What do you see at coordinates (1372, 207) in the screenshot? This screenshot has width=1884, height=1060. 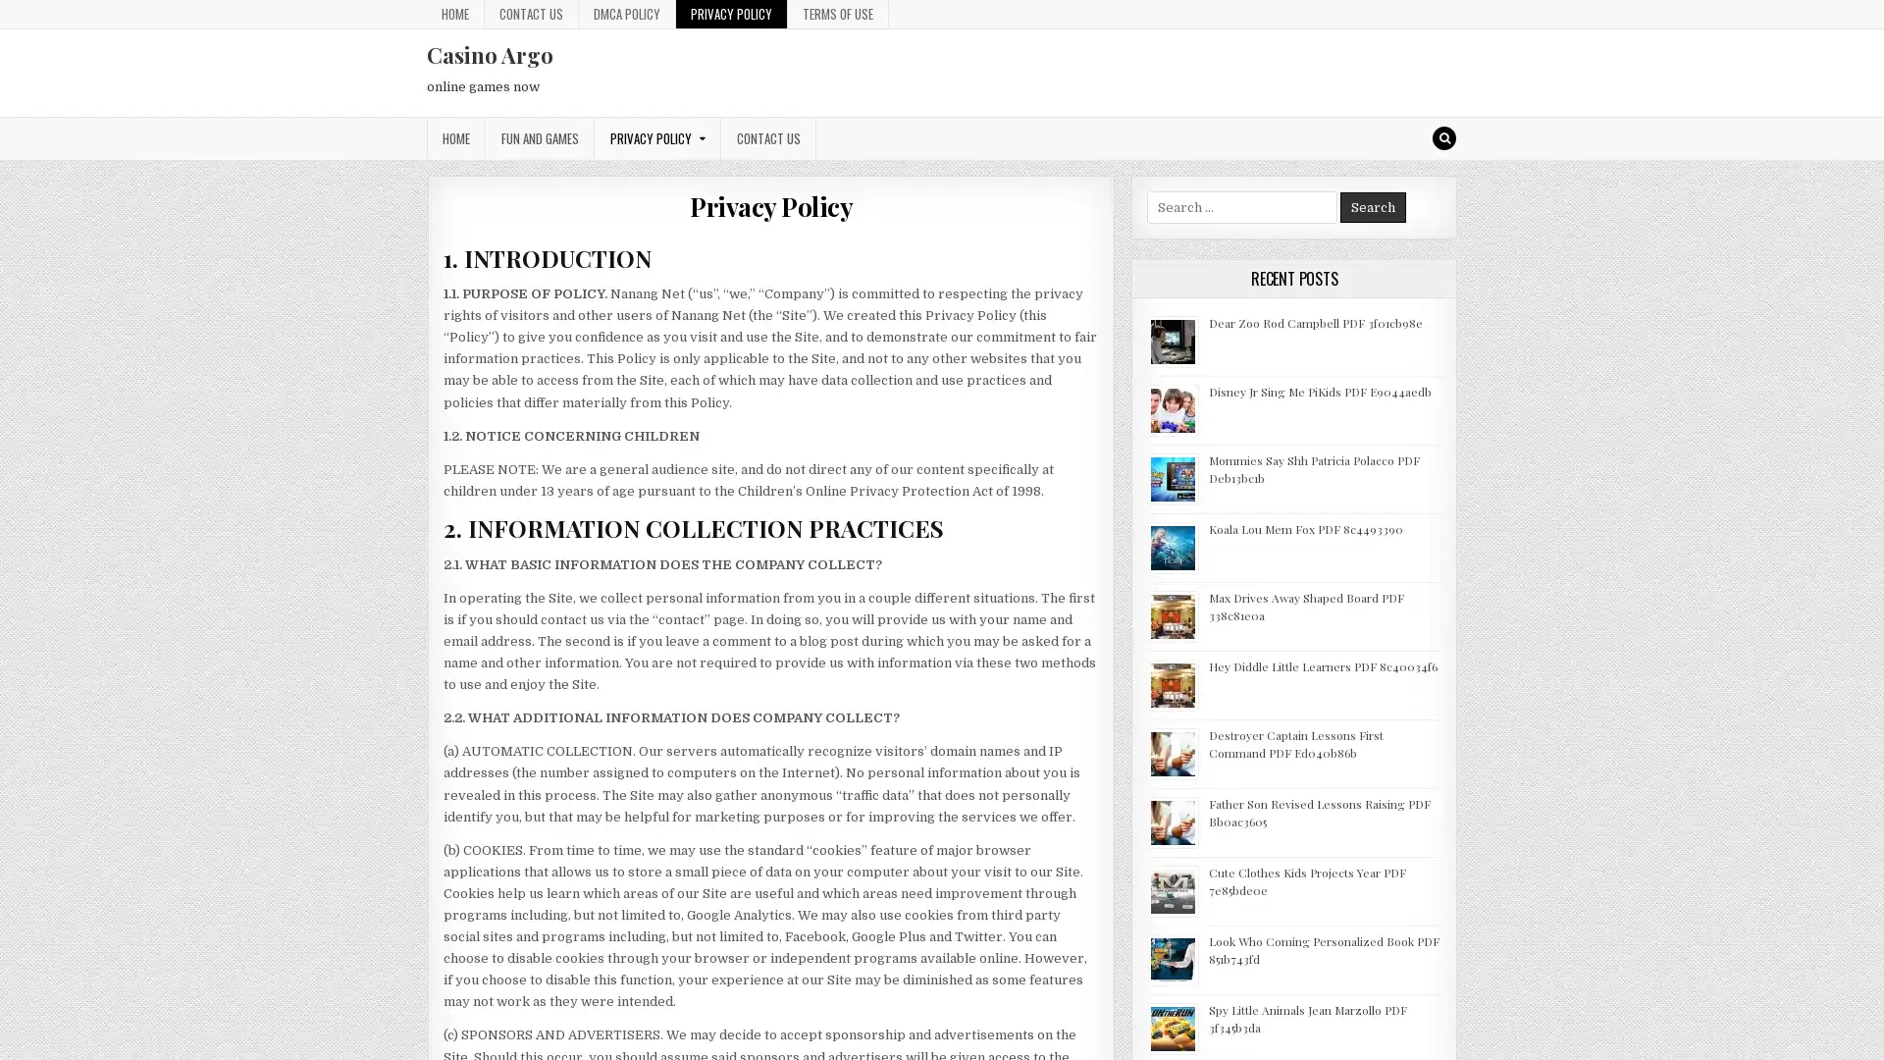 I see `Search` at bounding box center [1372, 207].